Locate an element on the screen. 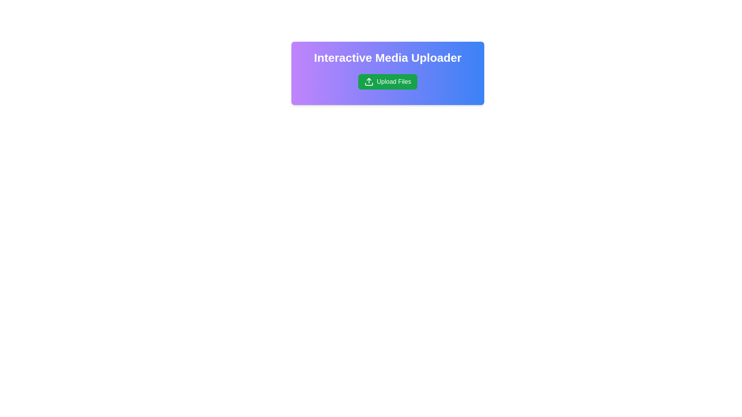 The width and height of the screenshot is (742, 417). the introductory panel for the interactive media uploader is located at coordinates (388, 73).